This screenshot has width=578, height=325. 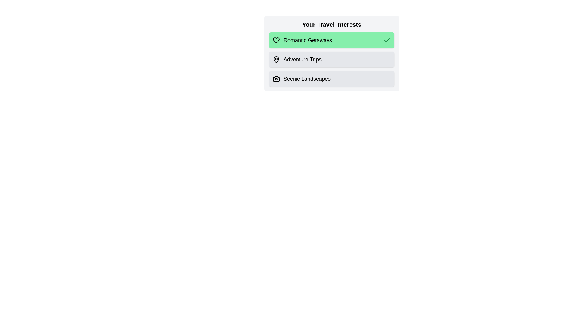 I want to click on the travel preference Romantic Getaways by clicking on its corresponding option, so click(x=331, y=40).